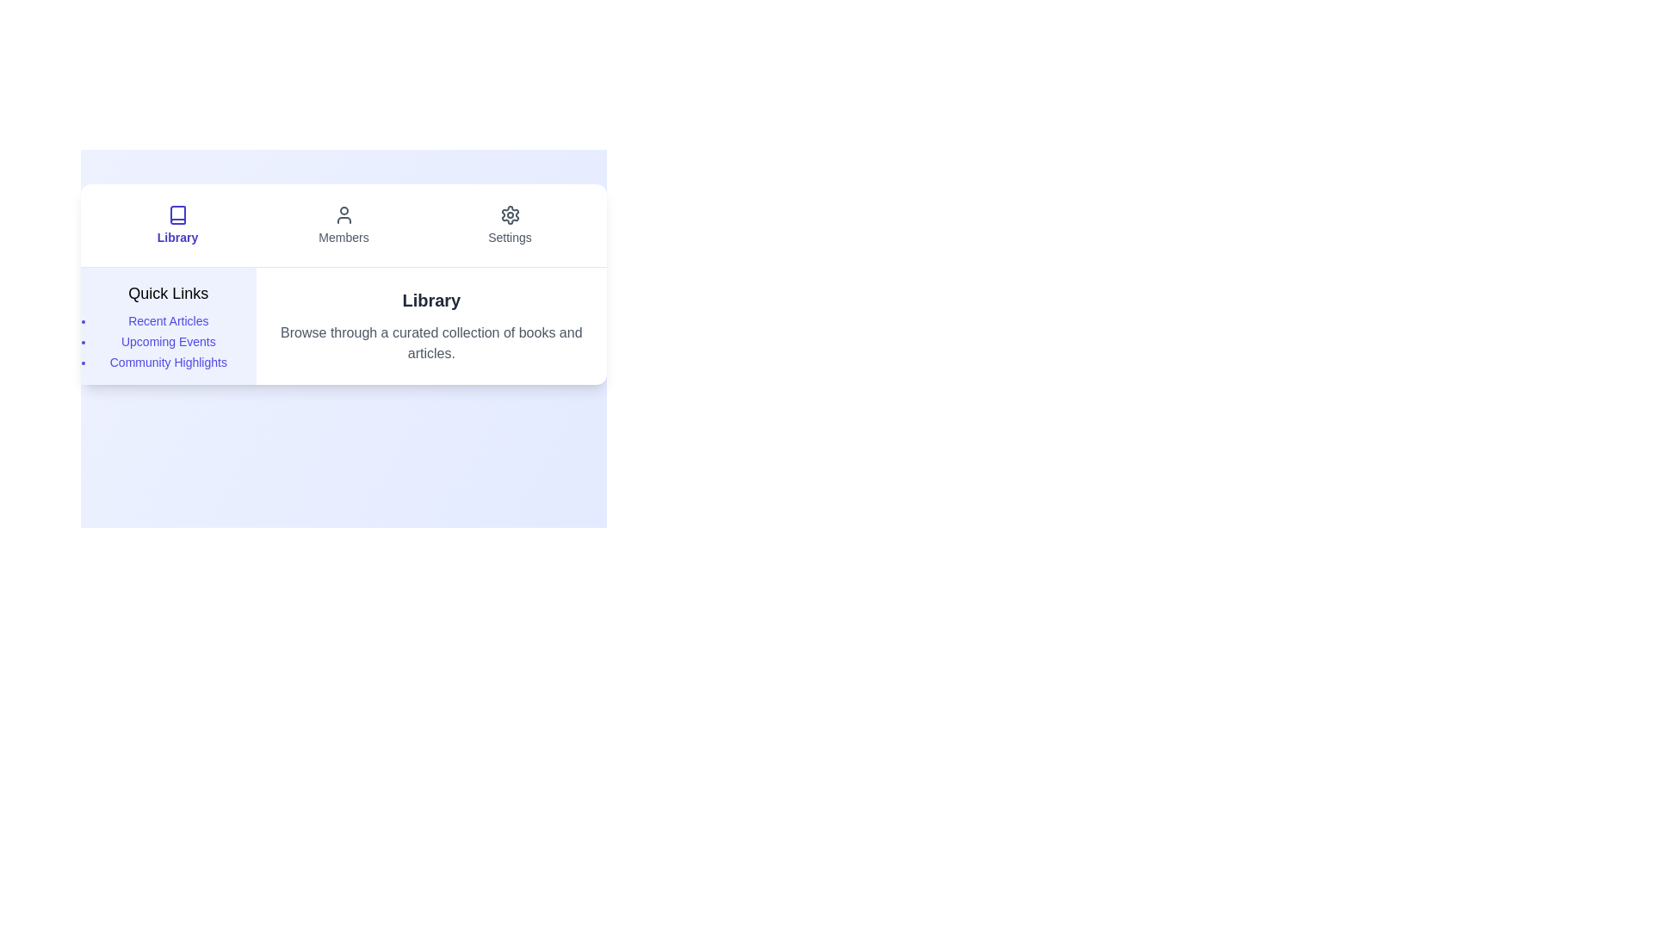  What do you see at coordinates (344, 225) in the screenshot?
I see `the tab labeled Members` at bounding box center [344, 225].